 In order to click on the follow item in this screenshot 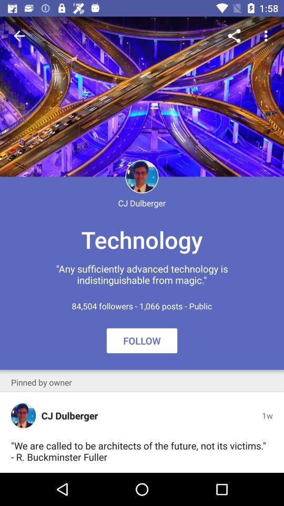, I will do `click(142, 340)`.